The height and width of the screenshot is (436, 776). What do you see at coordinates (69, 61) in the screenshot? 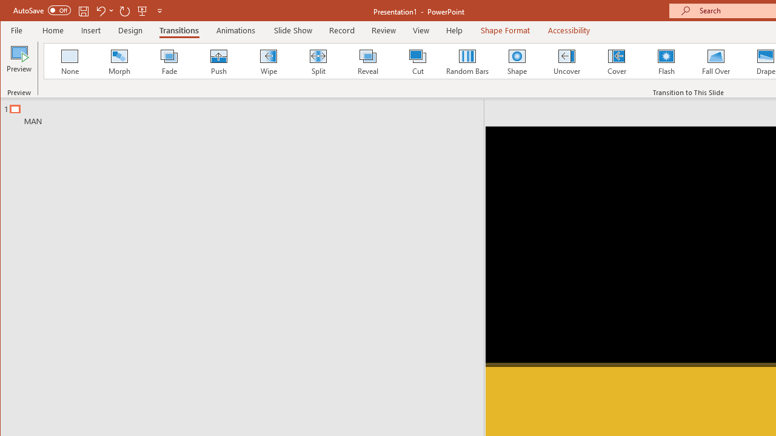
I see `'None'` at bounding box center [69, 61].